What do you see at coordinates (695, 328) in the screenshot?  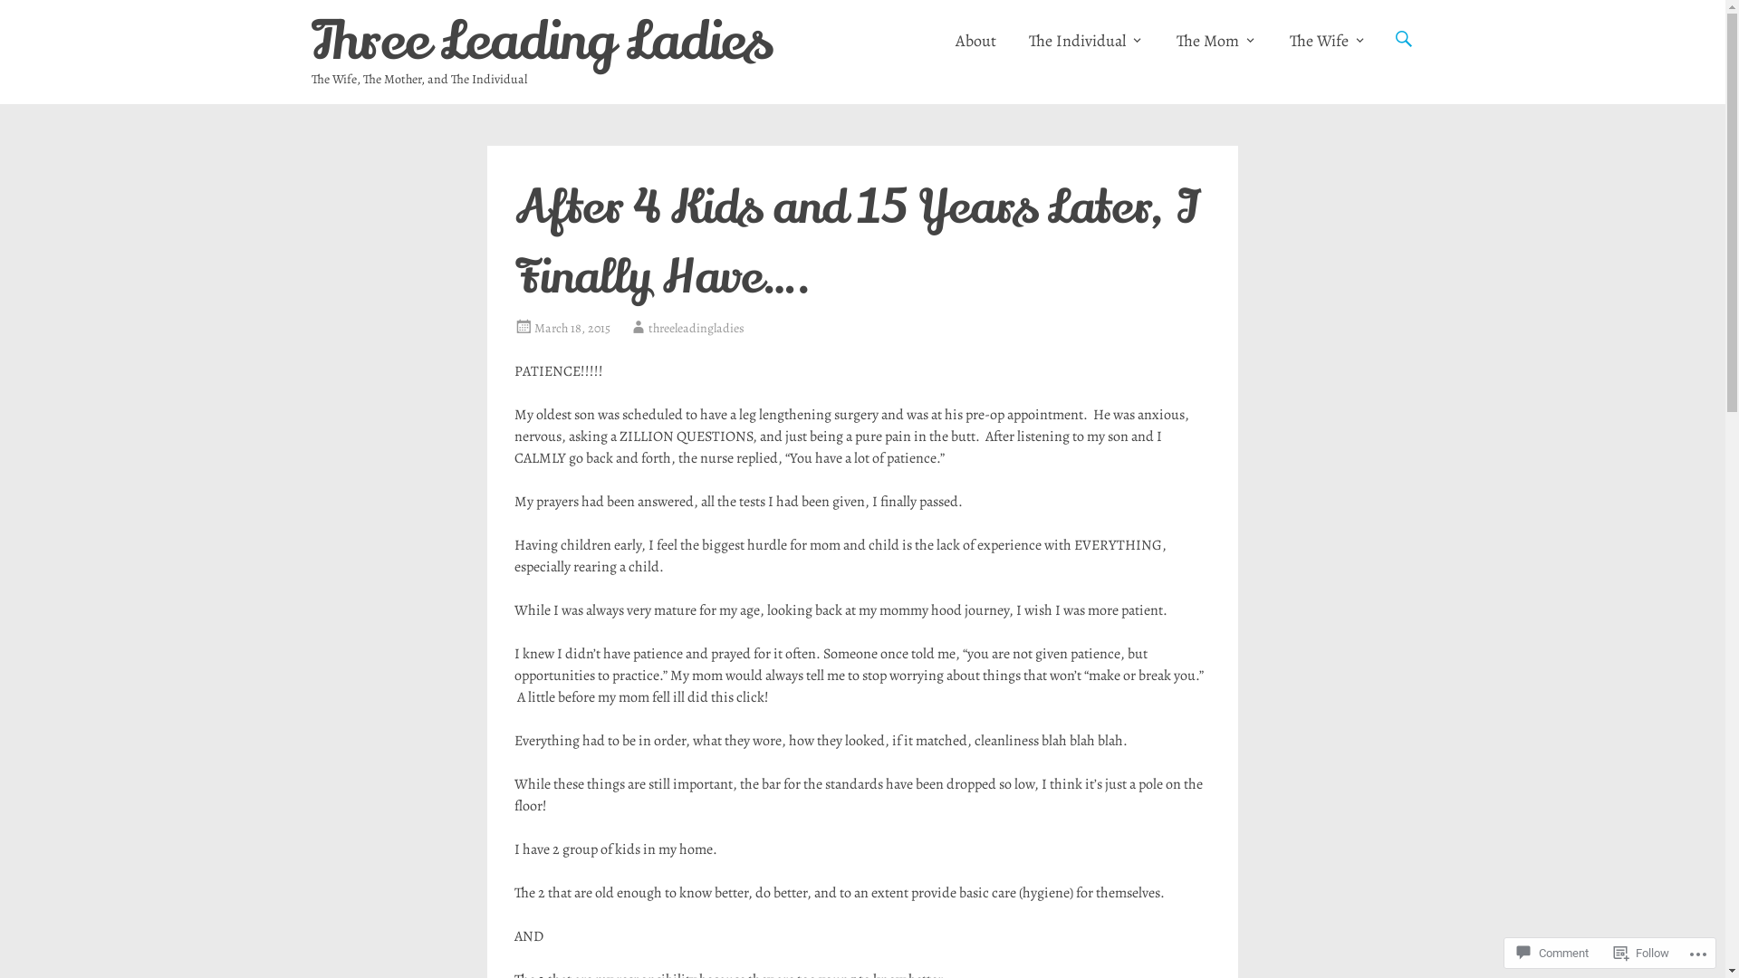 I see `'threeleadingladies'` at bounding box center [695, 328].